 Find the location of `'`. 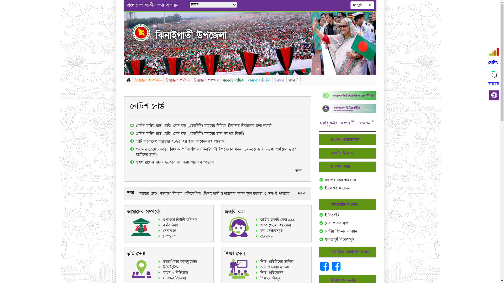

' is located at coordinates (145, 32).